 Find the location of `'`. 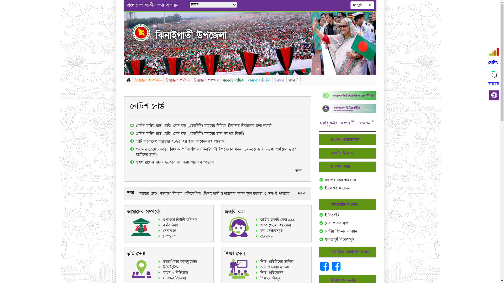

' is located at coordinates (145, 32).